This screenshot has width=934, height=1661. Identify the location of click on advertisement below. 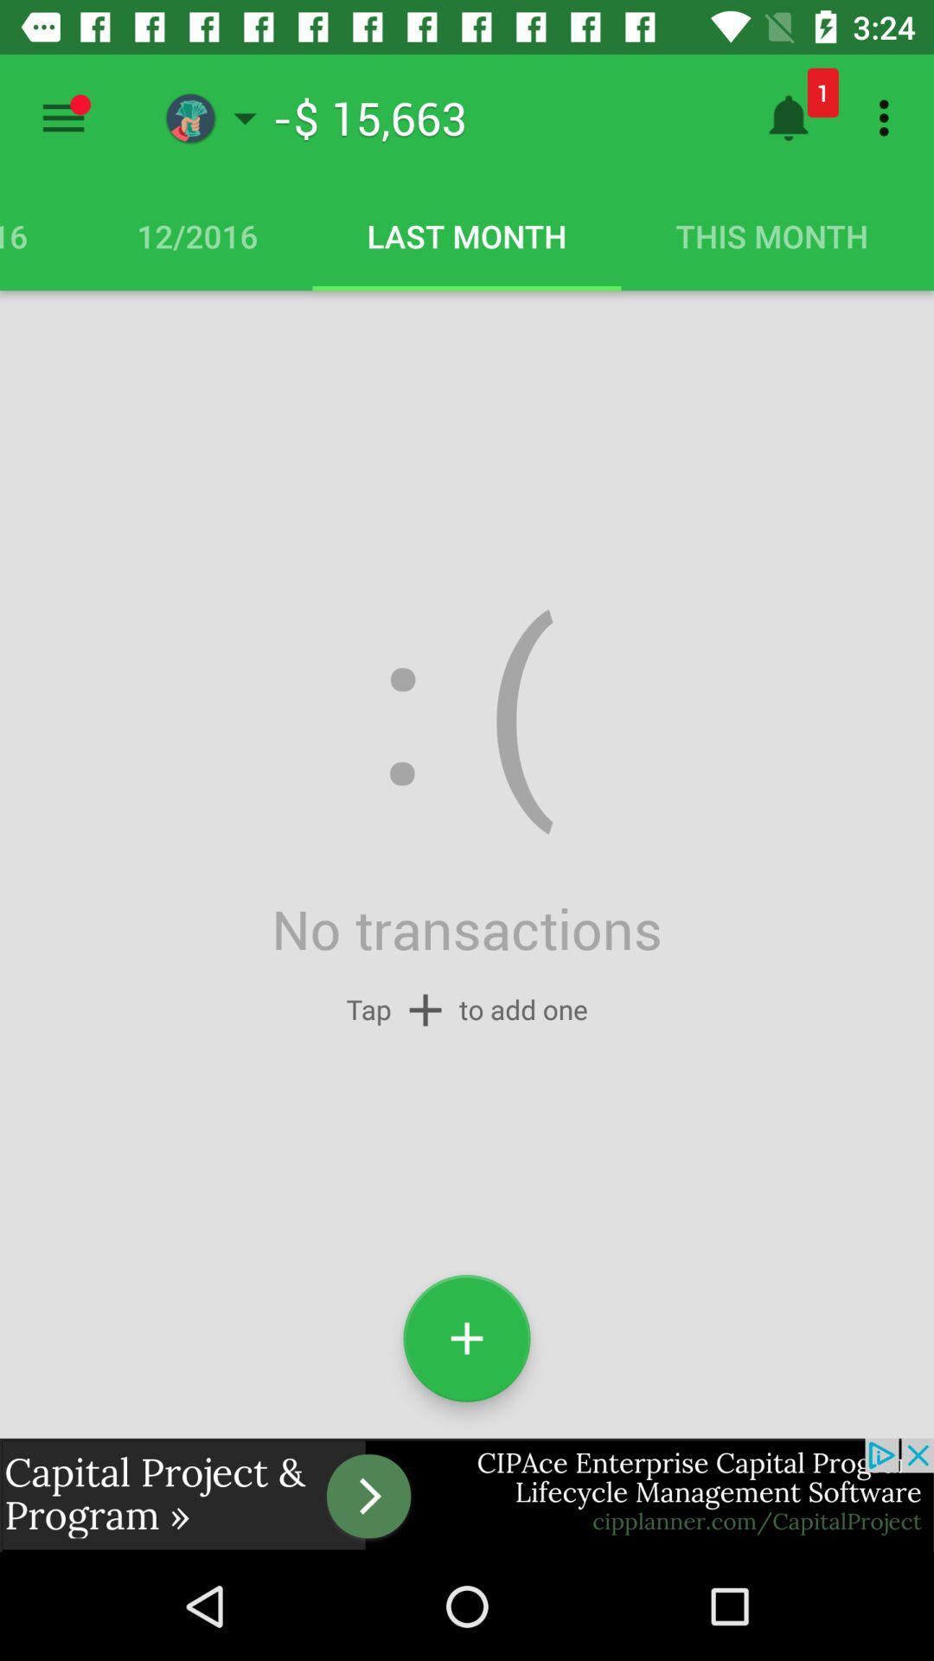
(467, 1494).